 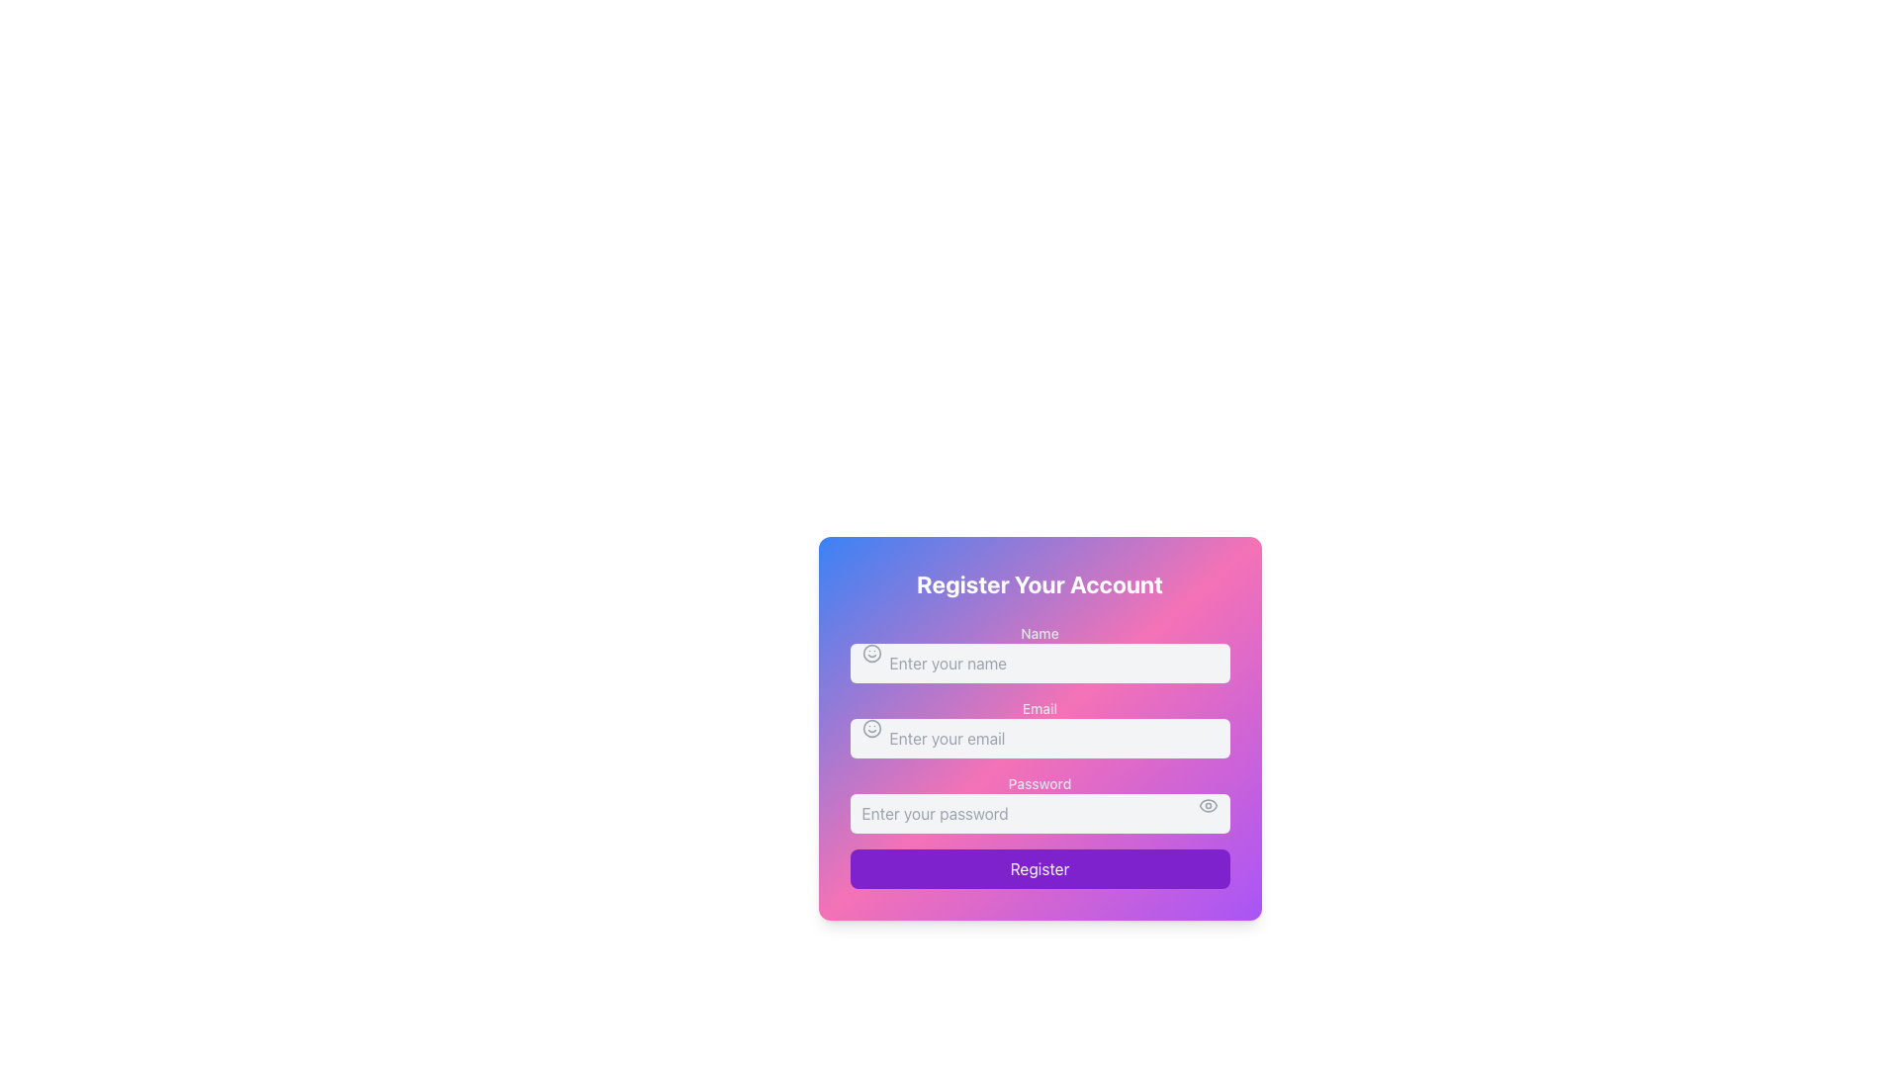 I want to click on the bold header text labeled 'Register Your Account' at the top of the registration form, which is centered within a gradient background, so click(x=1039, y=582).